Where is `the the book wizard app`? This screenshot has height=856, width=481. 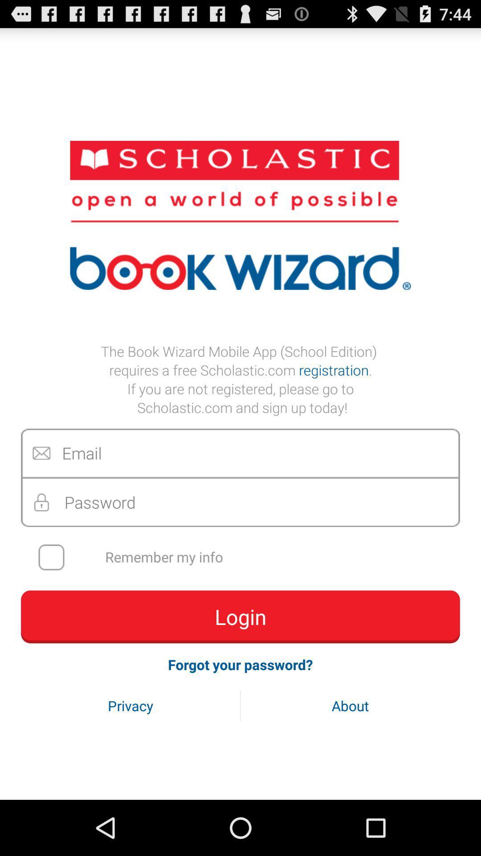 the the book wizard app is located at coordinates (240, 379).